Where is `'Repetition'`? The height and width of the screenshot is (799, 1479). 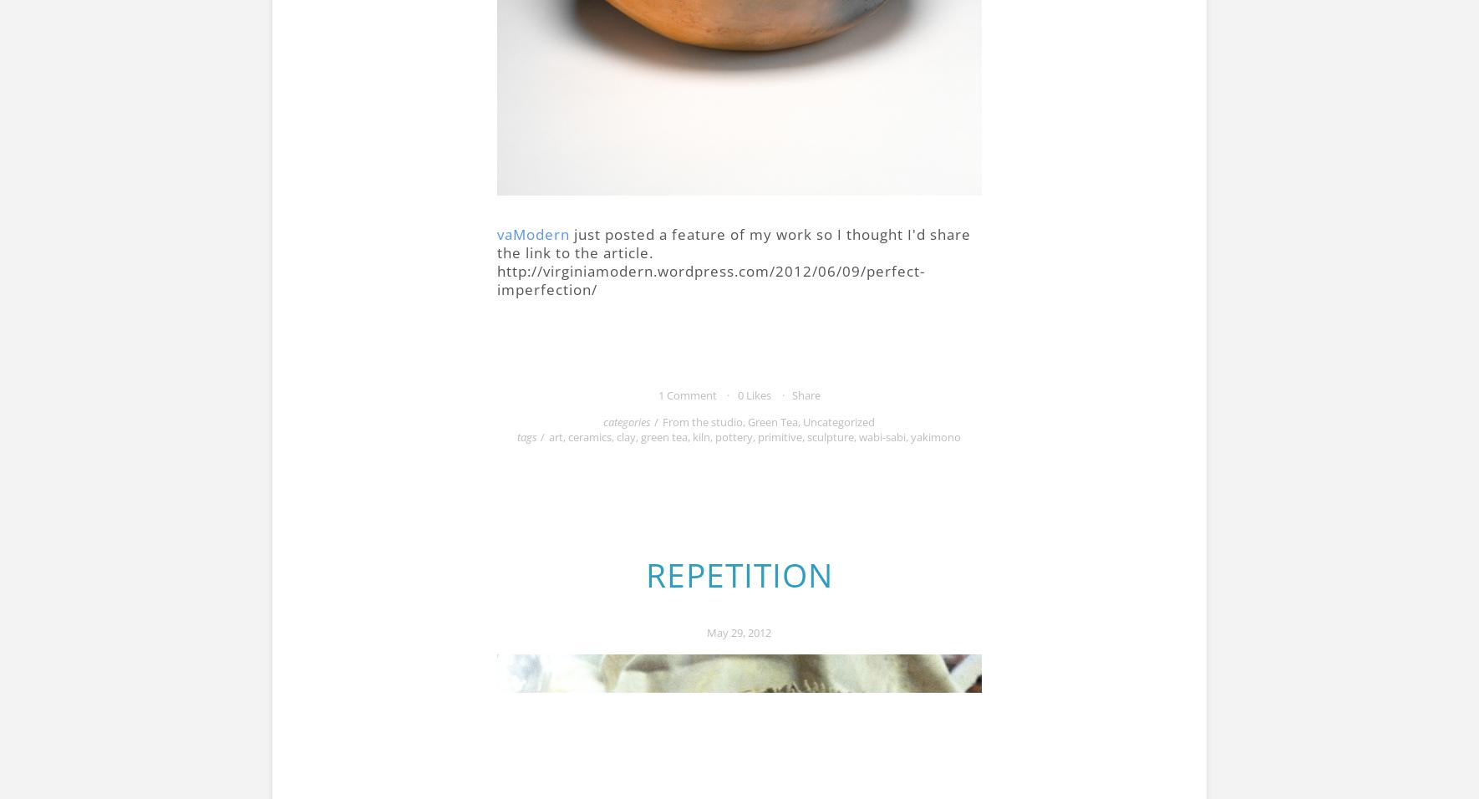 'Repetition' is located at coordinates (738, 574).